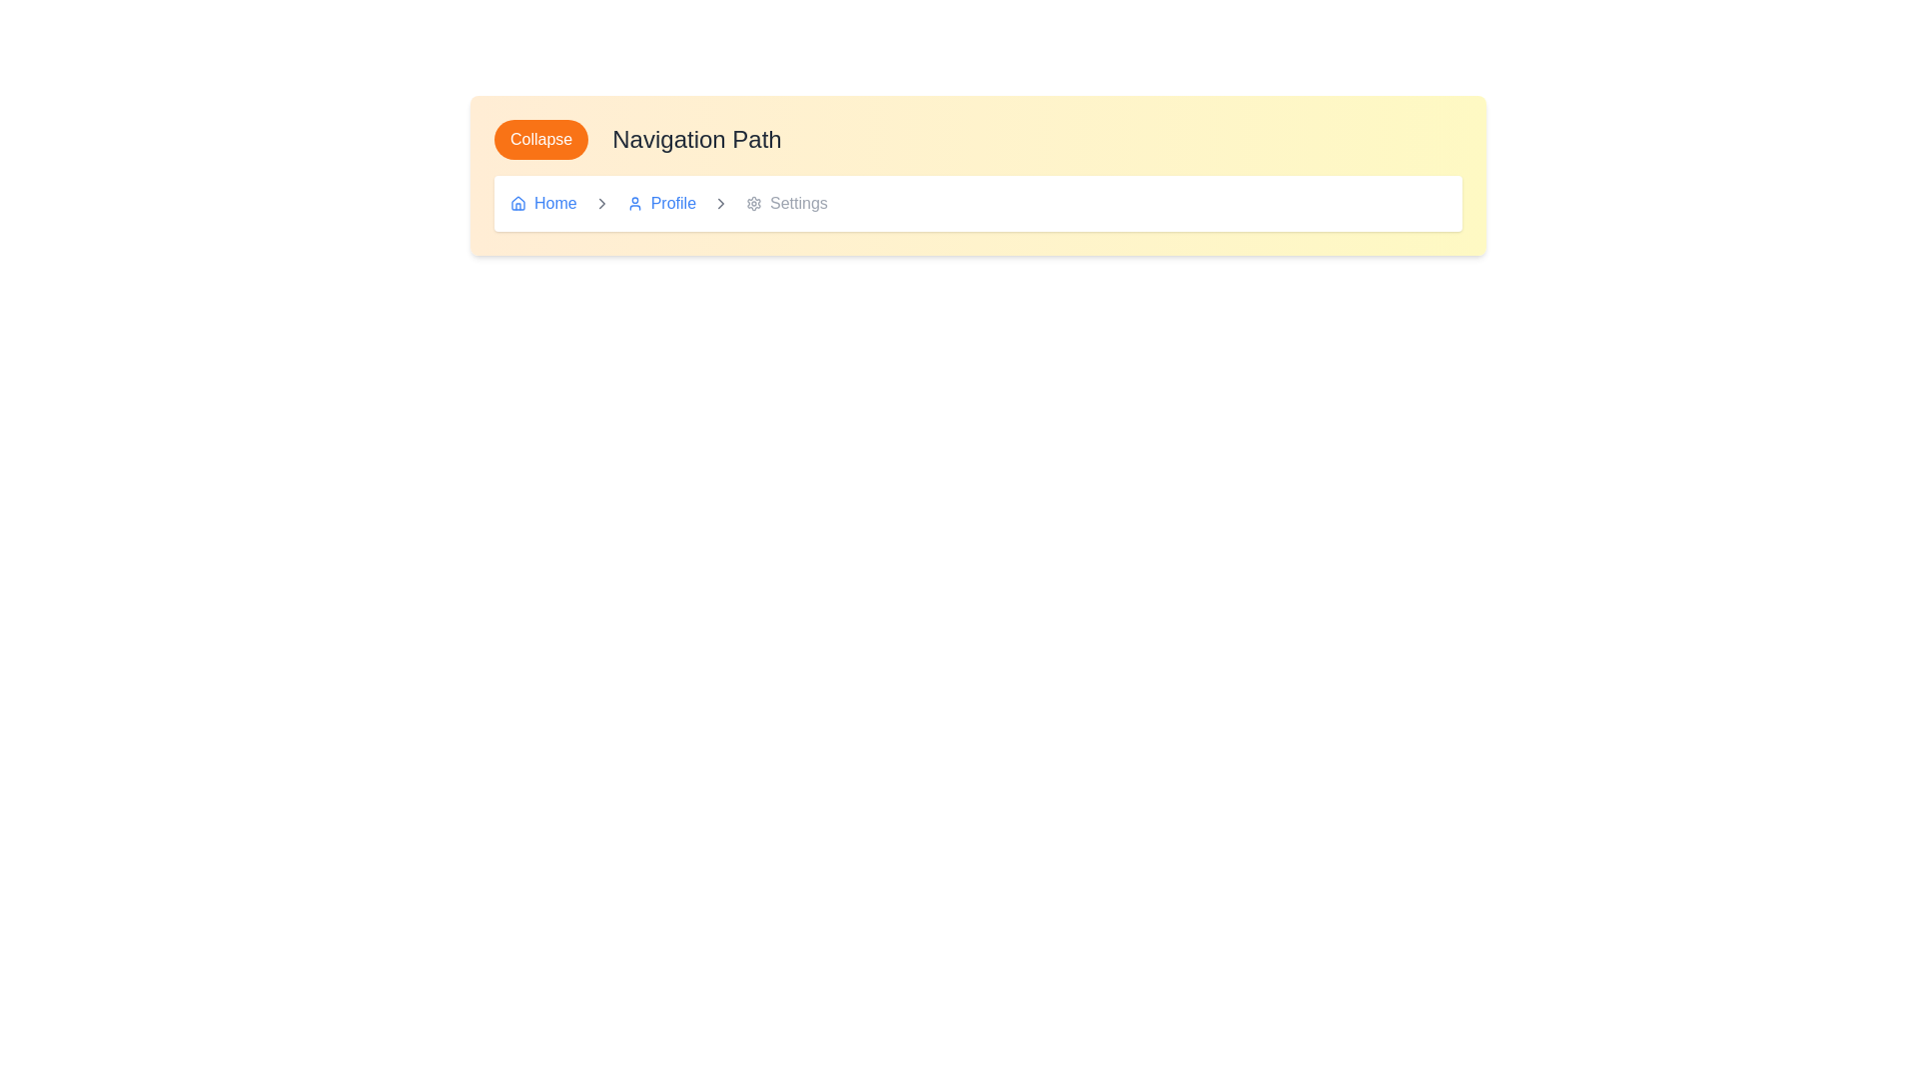 Image resolution: width=1918 pixels, height=1079 pixels. I want to click on the first item in the breadcrumb navigation bar, which serves as a clickable link to the home page, so click(543, 204).